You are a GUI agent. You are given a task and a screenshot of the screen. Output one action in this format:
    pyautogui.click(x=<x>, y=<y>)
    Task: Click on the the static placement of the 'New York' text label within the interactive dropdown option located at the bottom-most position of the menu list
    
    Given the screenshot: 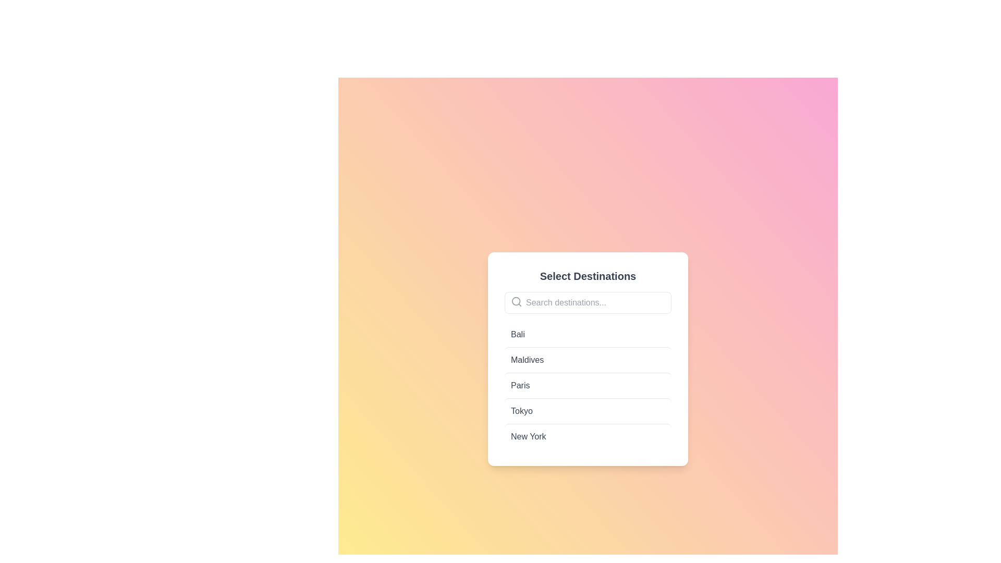 What is the action you would take?
    pyautogui.click(x=528, y=436)
    